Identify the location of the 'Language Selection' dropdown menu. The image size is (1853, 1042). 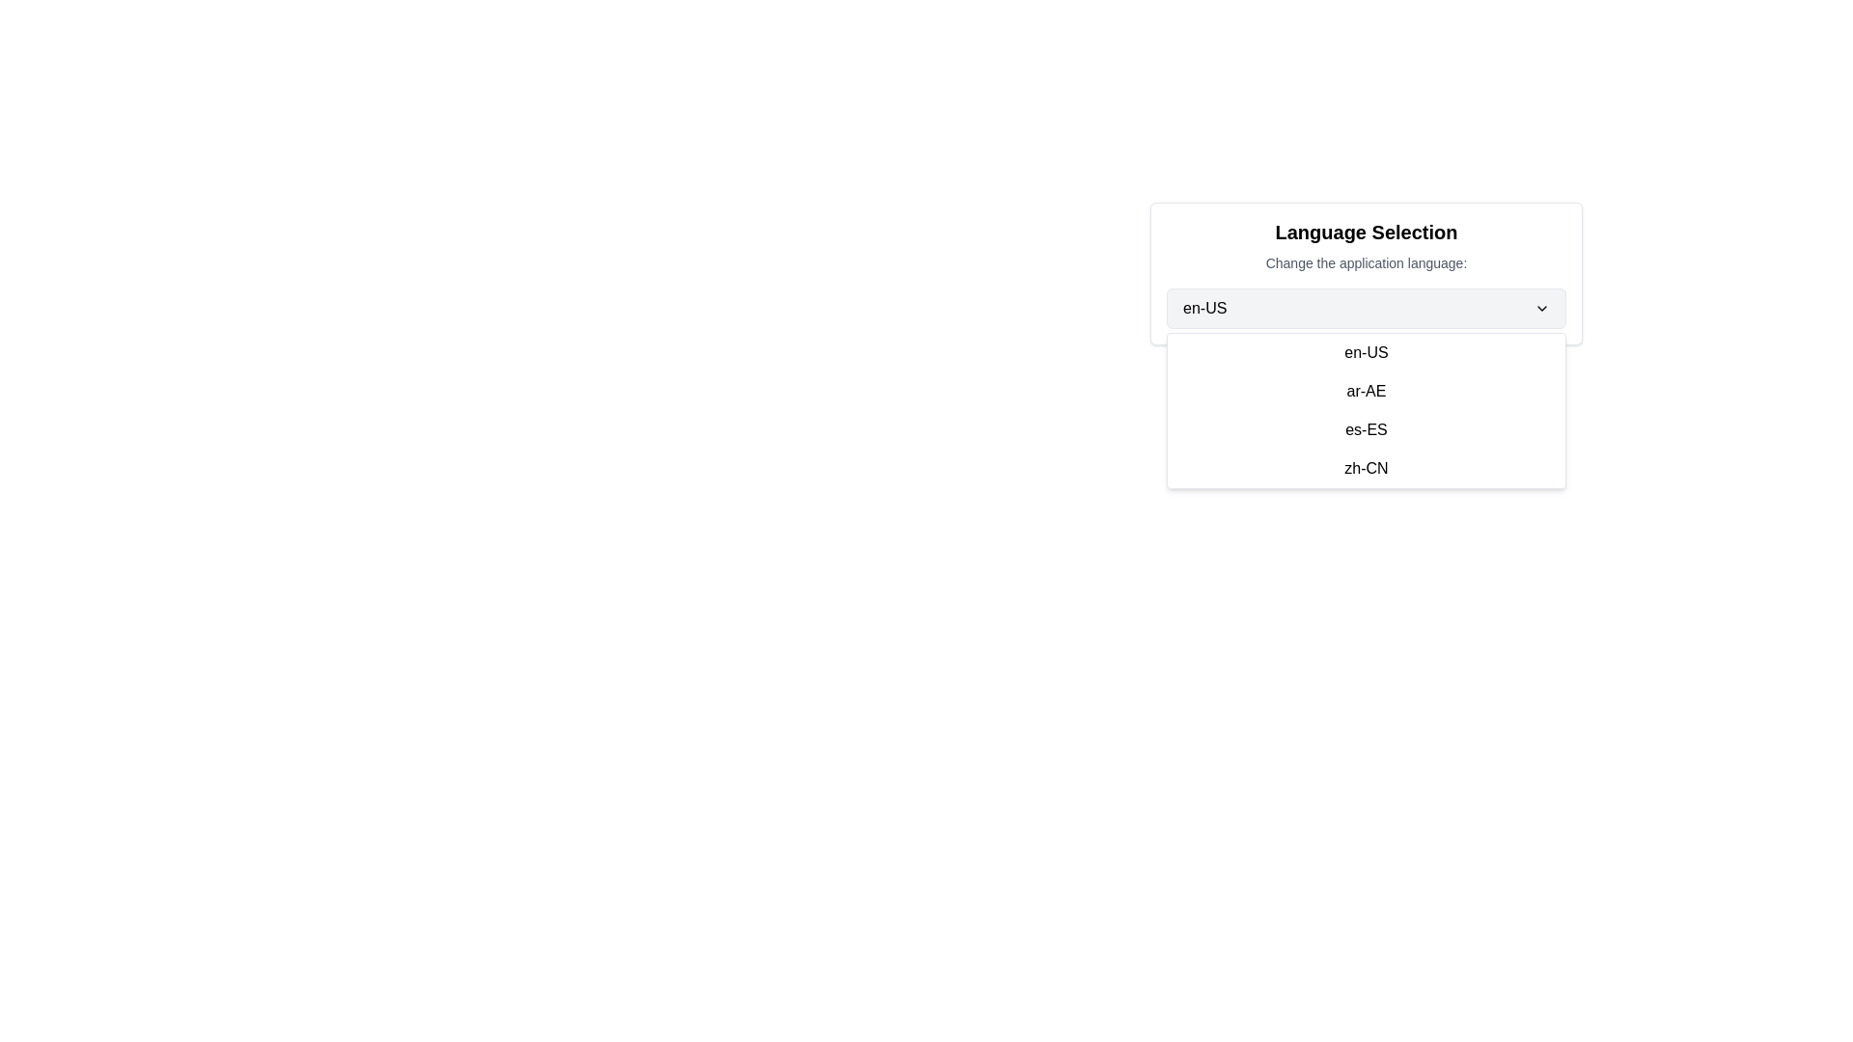
(1366, 308).